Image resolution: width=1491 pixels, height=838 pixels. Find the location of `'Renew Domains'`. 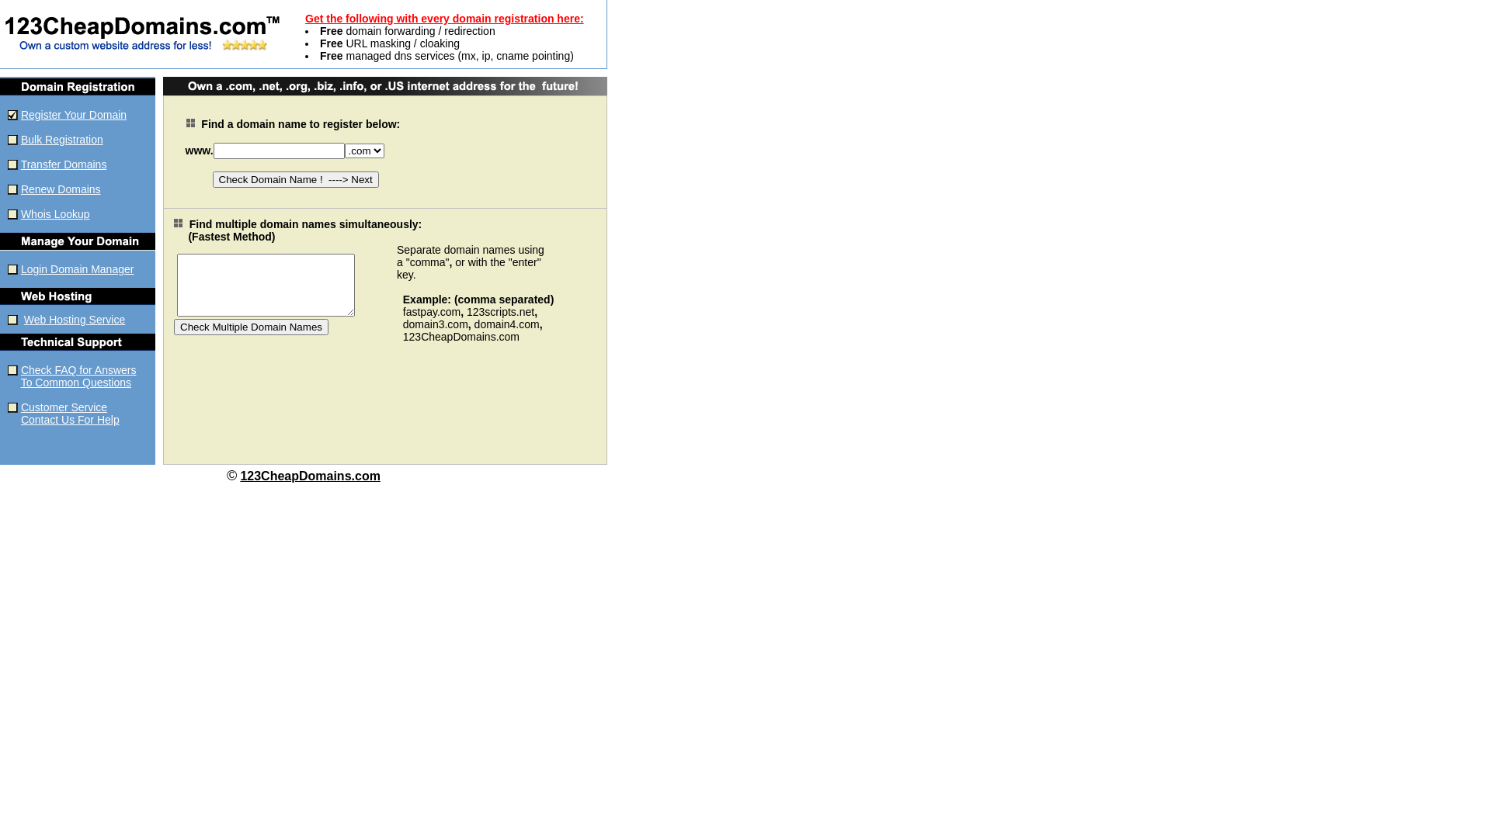

'Renew Domains' is located at coordinates (61, 188).